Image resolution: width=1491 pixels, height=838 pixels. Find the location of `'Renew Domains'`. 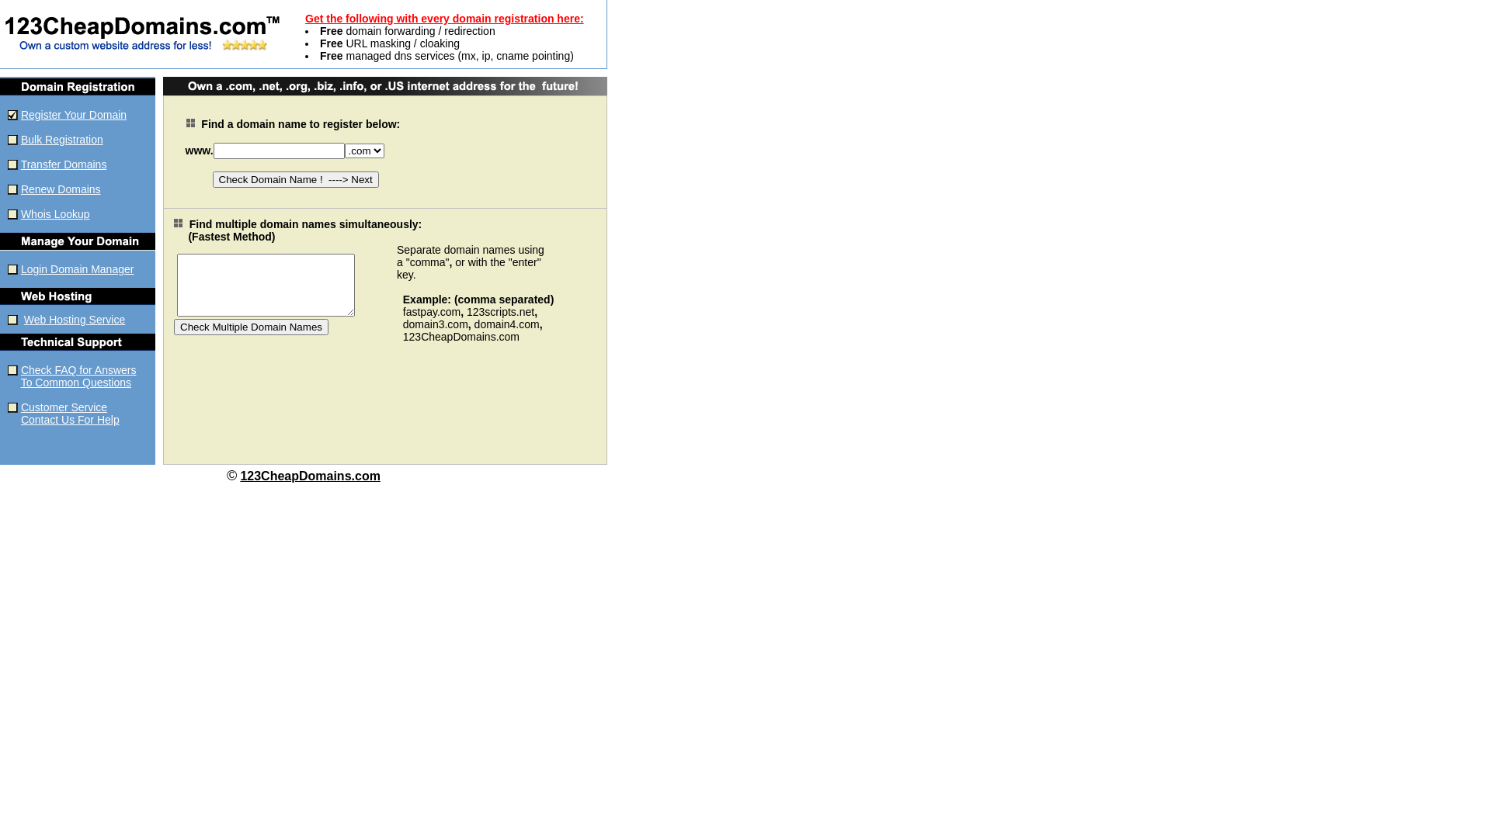

'Renew Domains' is located at coordinates (61, 188).